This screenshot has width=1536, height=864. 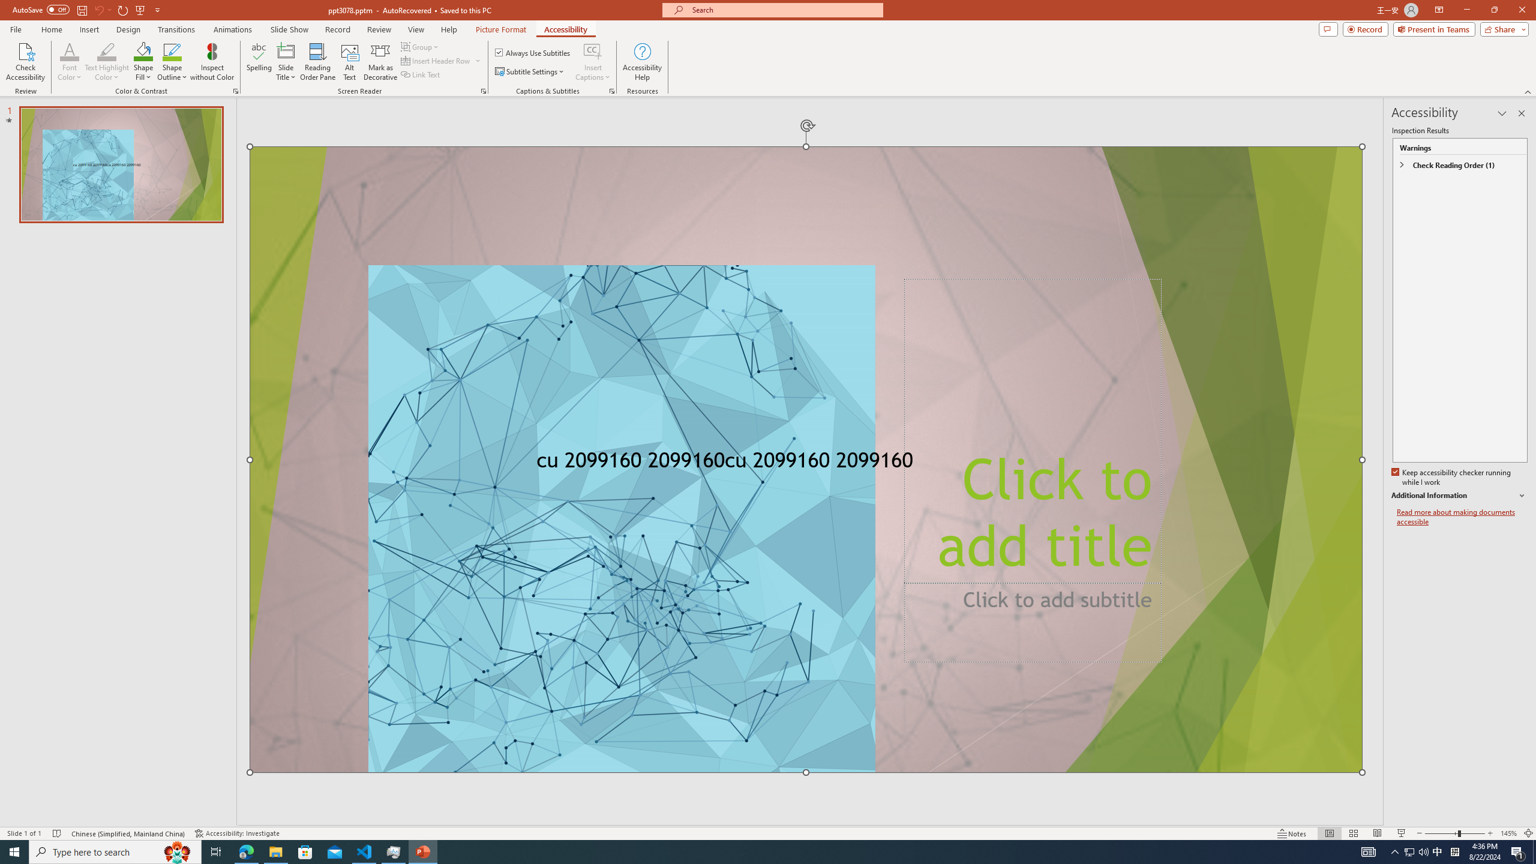 I want to click on 'Inspect without Color', so click(x=212, y=62).